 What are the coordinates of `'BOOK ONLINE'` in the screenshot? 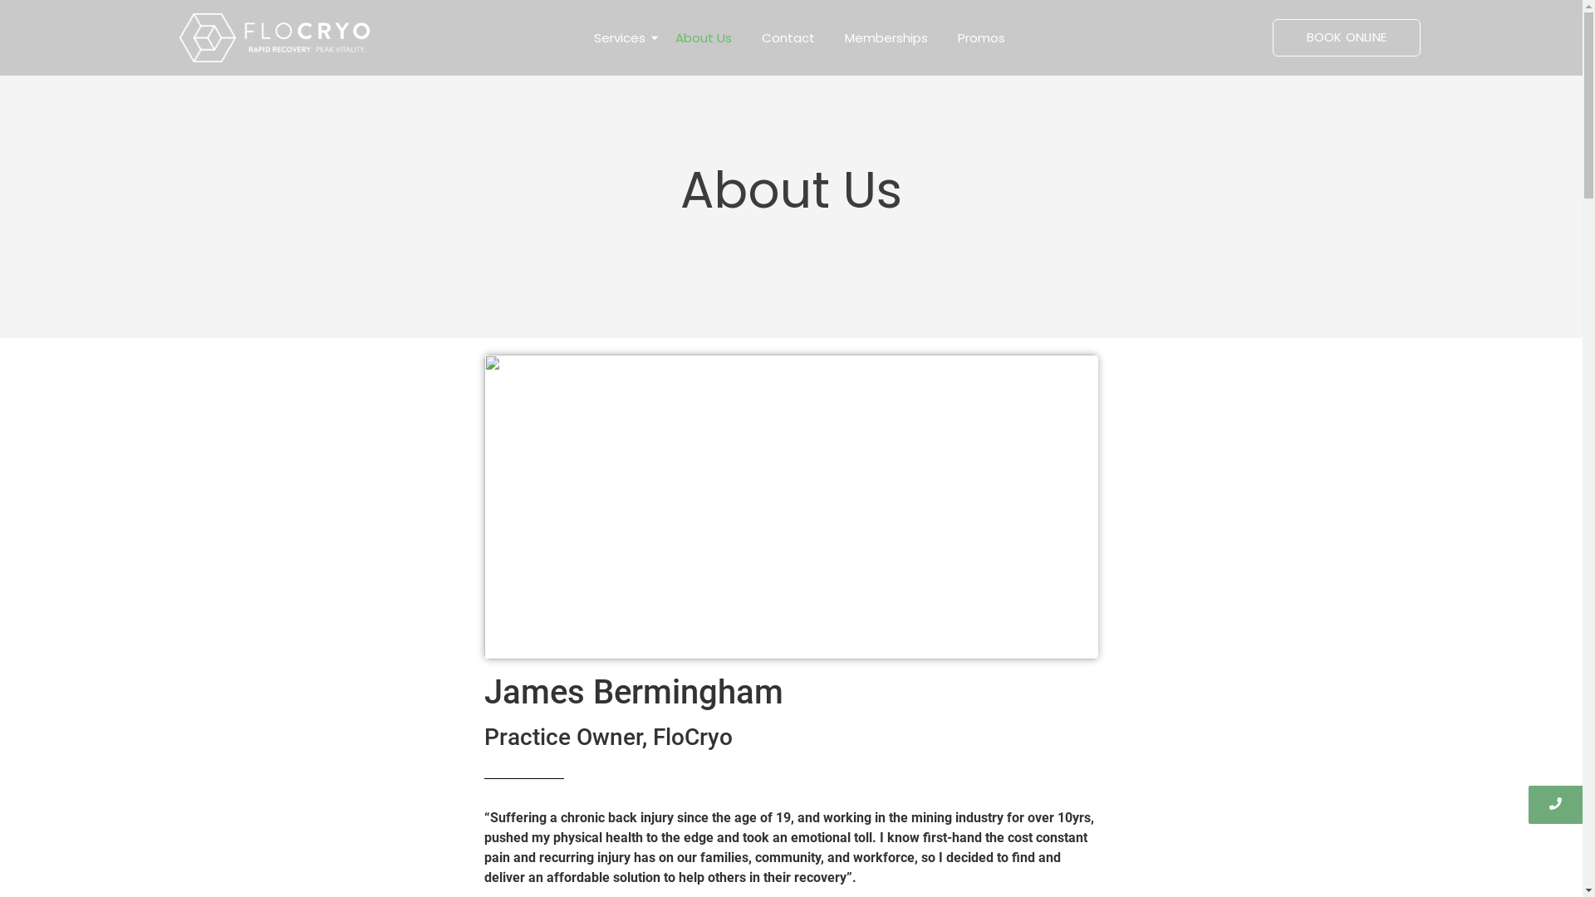 It's located at (1347, 37).